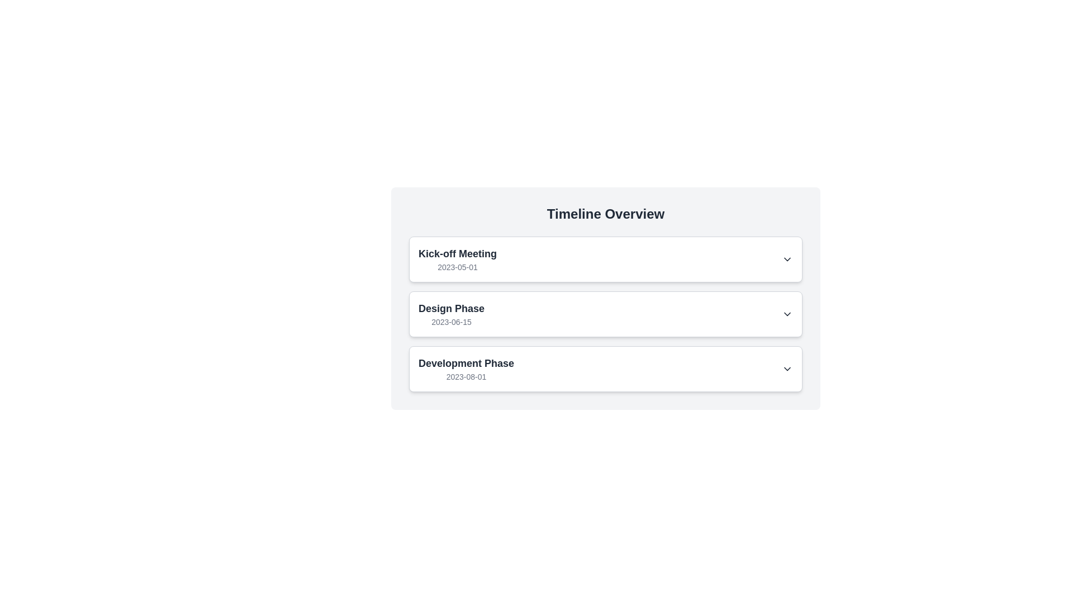  I want to click on the static label displaying the date '2023-05-01', which is positioned below the 'Kick-off Meeting' text within the card layout, so click(458, 267).